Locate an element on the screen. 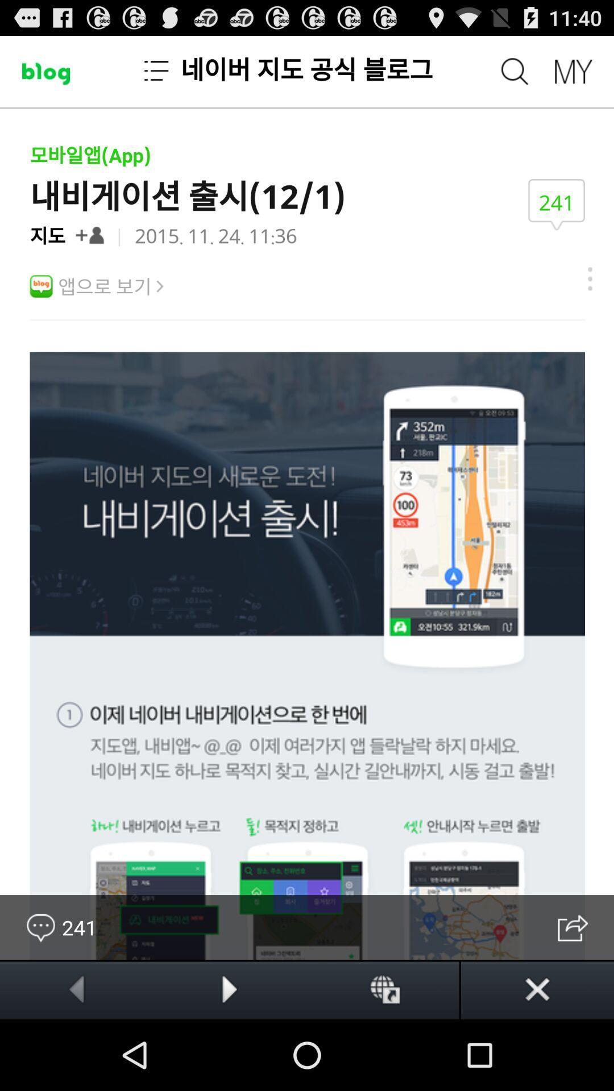 The image size is (614, 1091). the arrow_backward icon is located at coordinates (76, 1058).